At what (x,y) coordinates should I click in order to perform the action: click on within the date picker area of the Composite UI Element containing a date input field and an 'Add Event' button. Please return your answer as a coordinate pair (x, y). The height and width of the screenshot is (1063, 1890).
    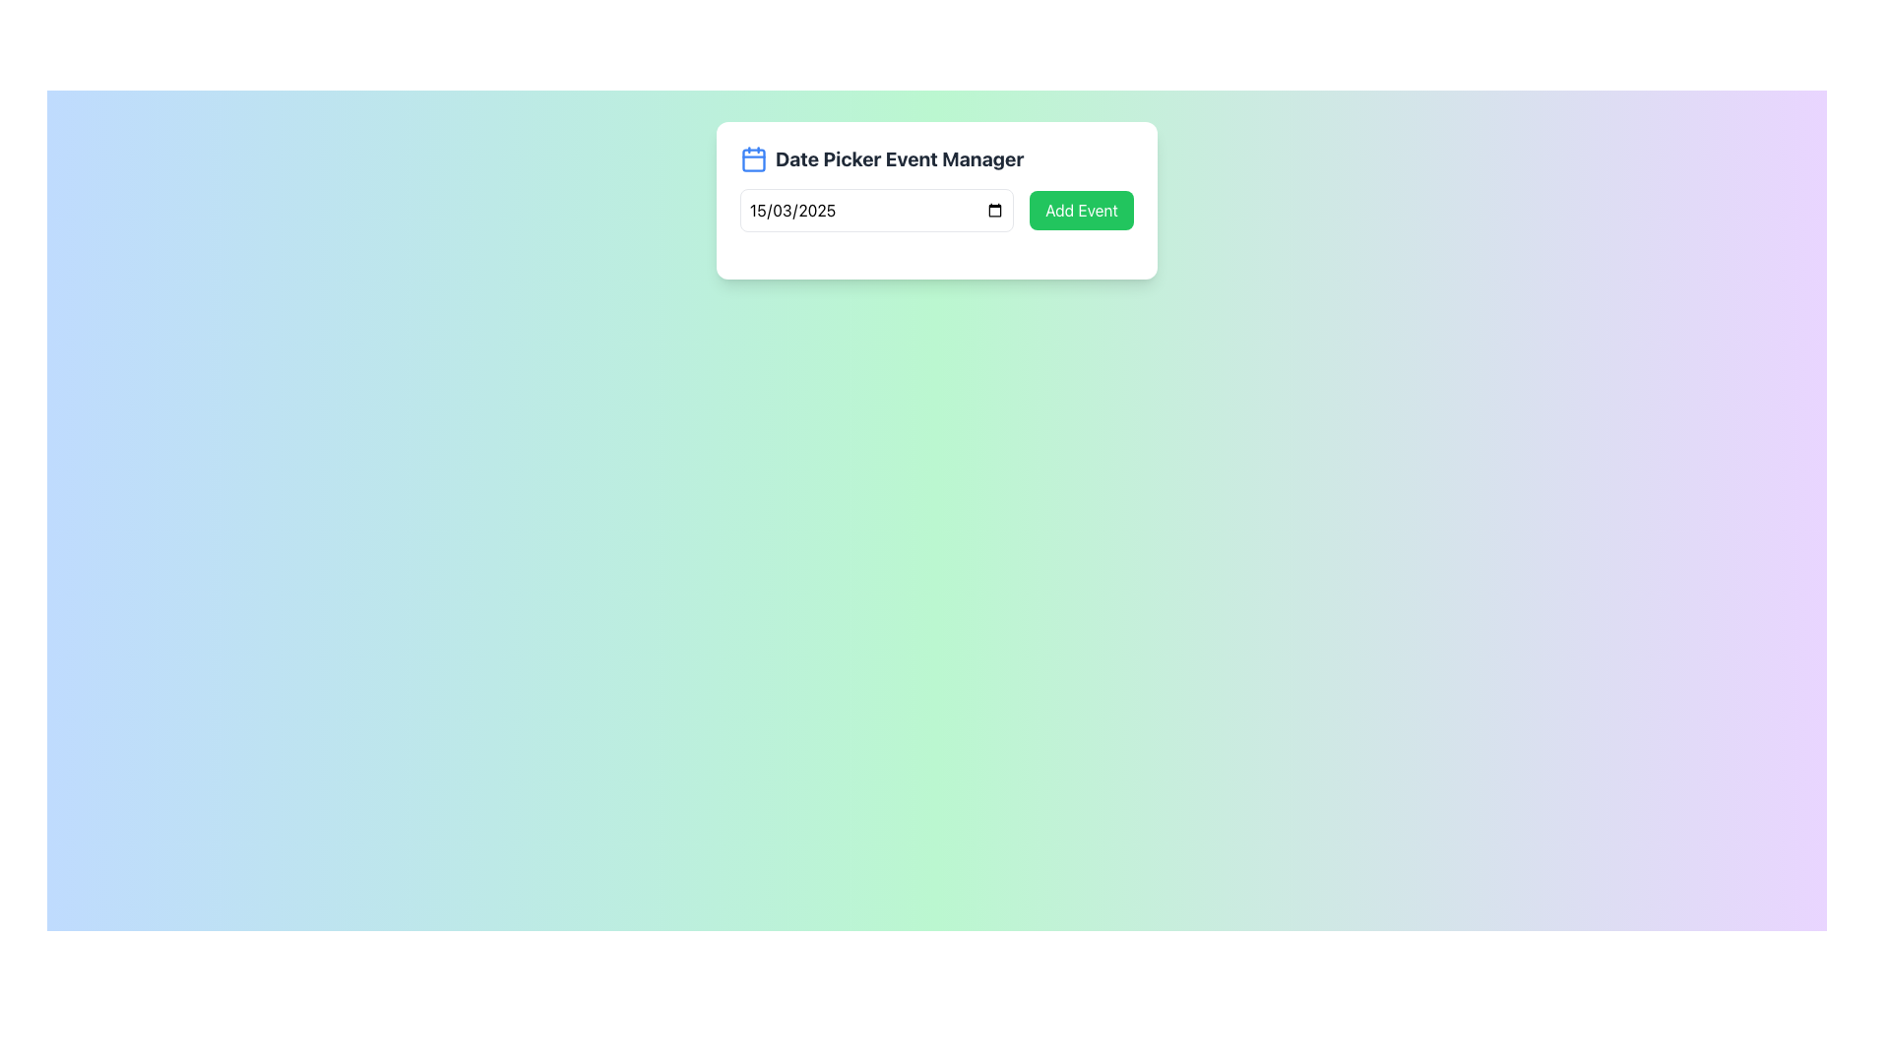
    Looking at the image, I should click on (935, 210).